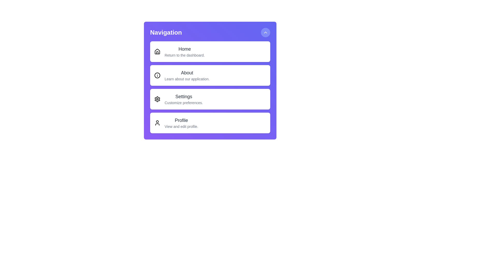 The image size is (497, 279). What do you see at coordinates (157, 123) in the screenshot?
I see `the icon for Profile` at bounding box center [157, 123].